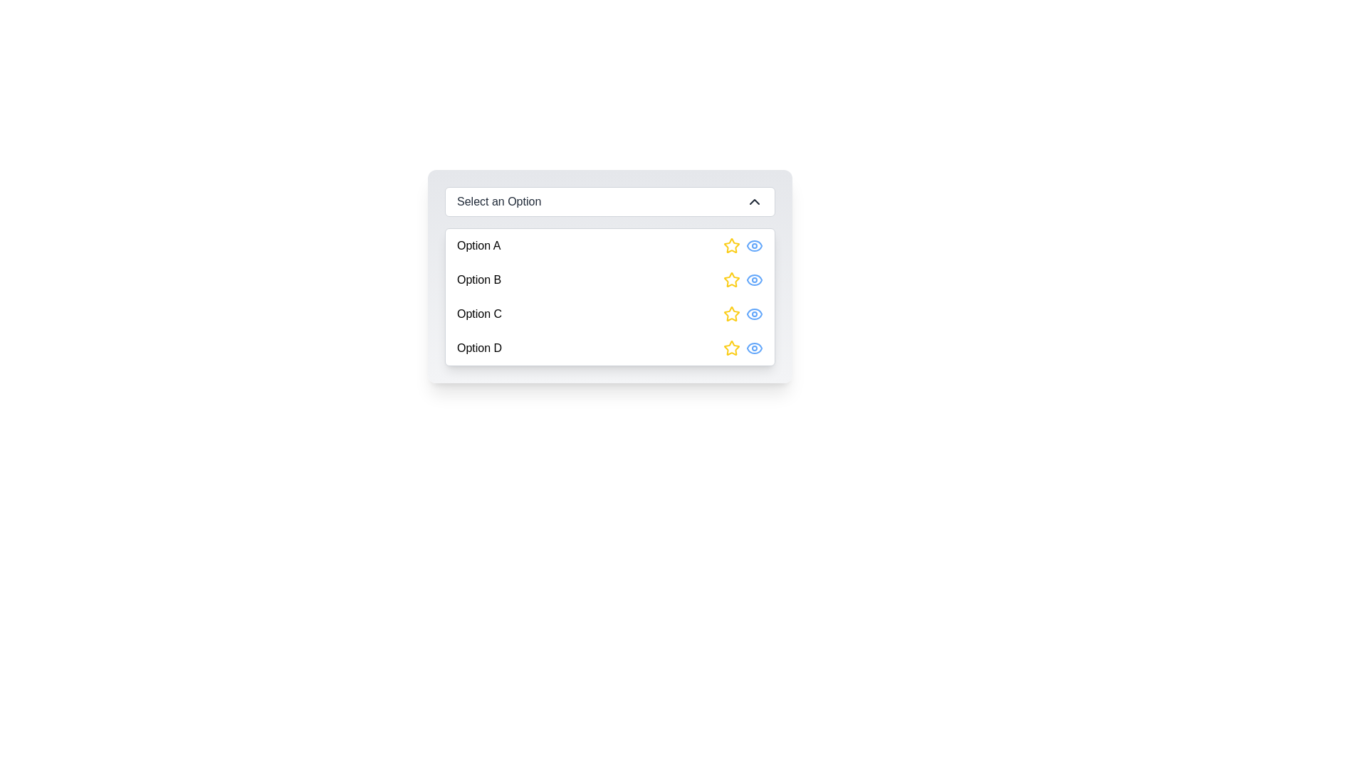 The width and height of the screenshot is (1367, 768). Describe the element at coordinates (610, 277) in the screenshot. I see `the second option in the dropdown menu` at that location.